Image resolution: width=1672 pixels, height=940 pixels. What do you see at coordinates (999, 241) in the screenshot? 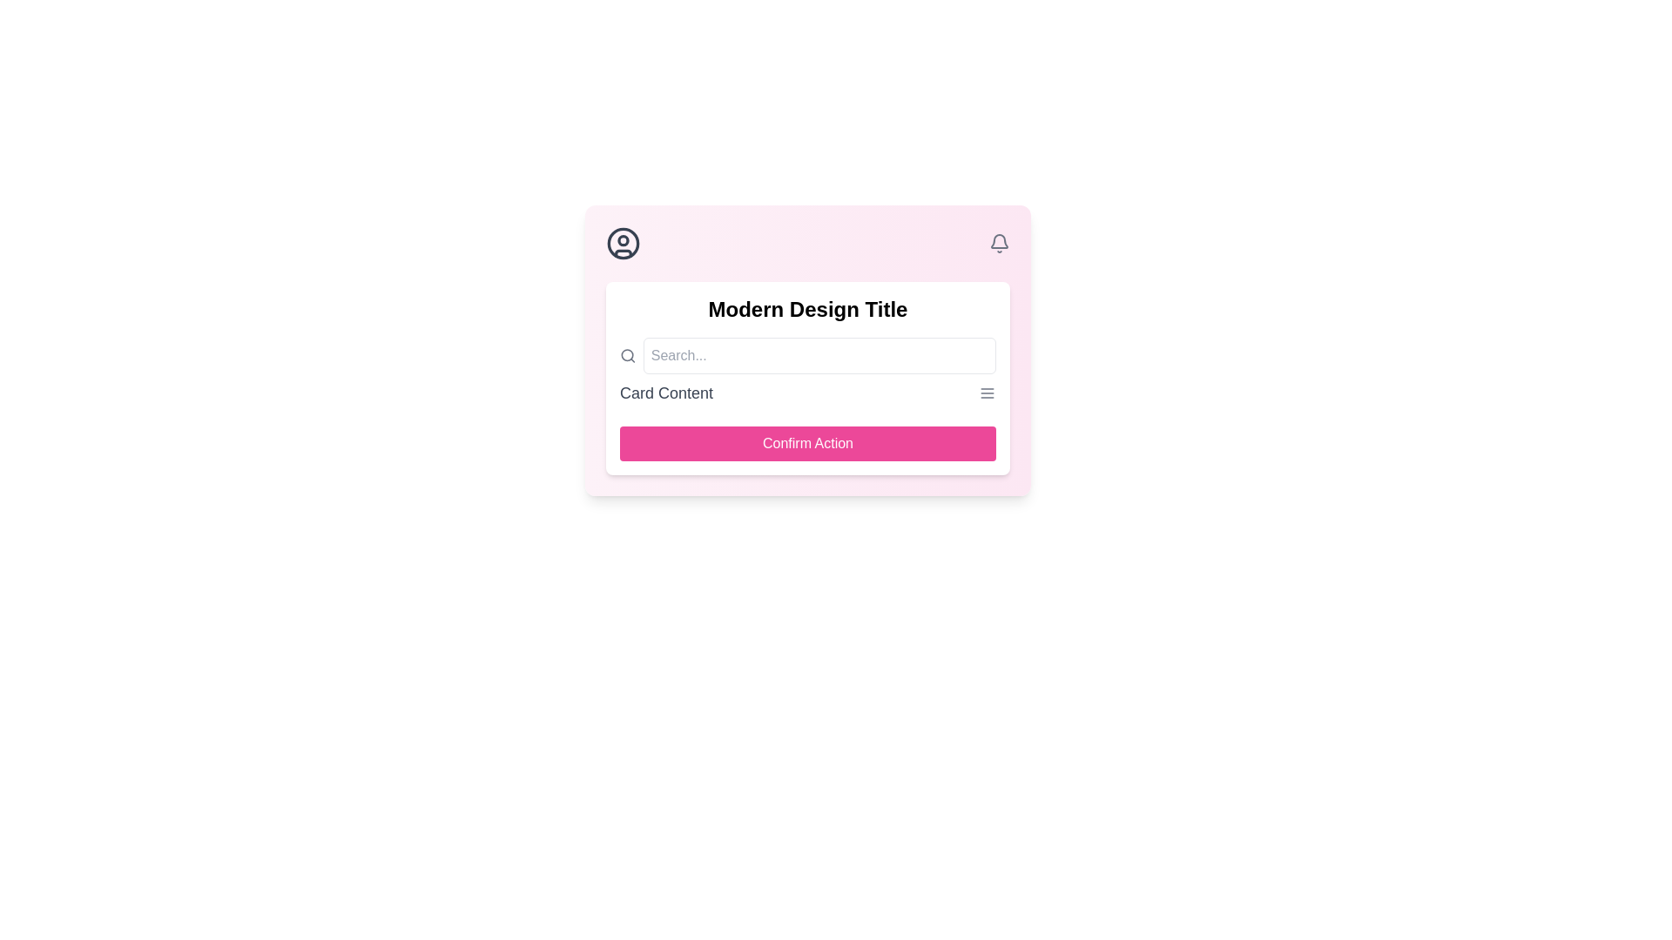
I see `the lower portion of the notification bell icon located in the top-right corner of the card adjacent to the title text area` at bounding box center [999, 241].